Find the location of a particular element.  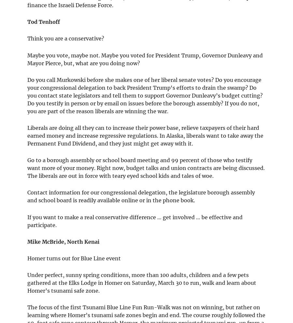

'Mike McBride, North Kenai' is located at coordinates (63, 241).